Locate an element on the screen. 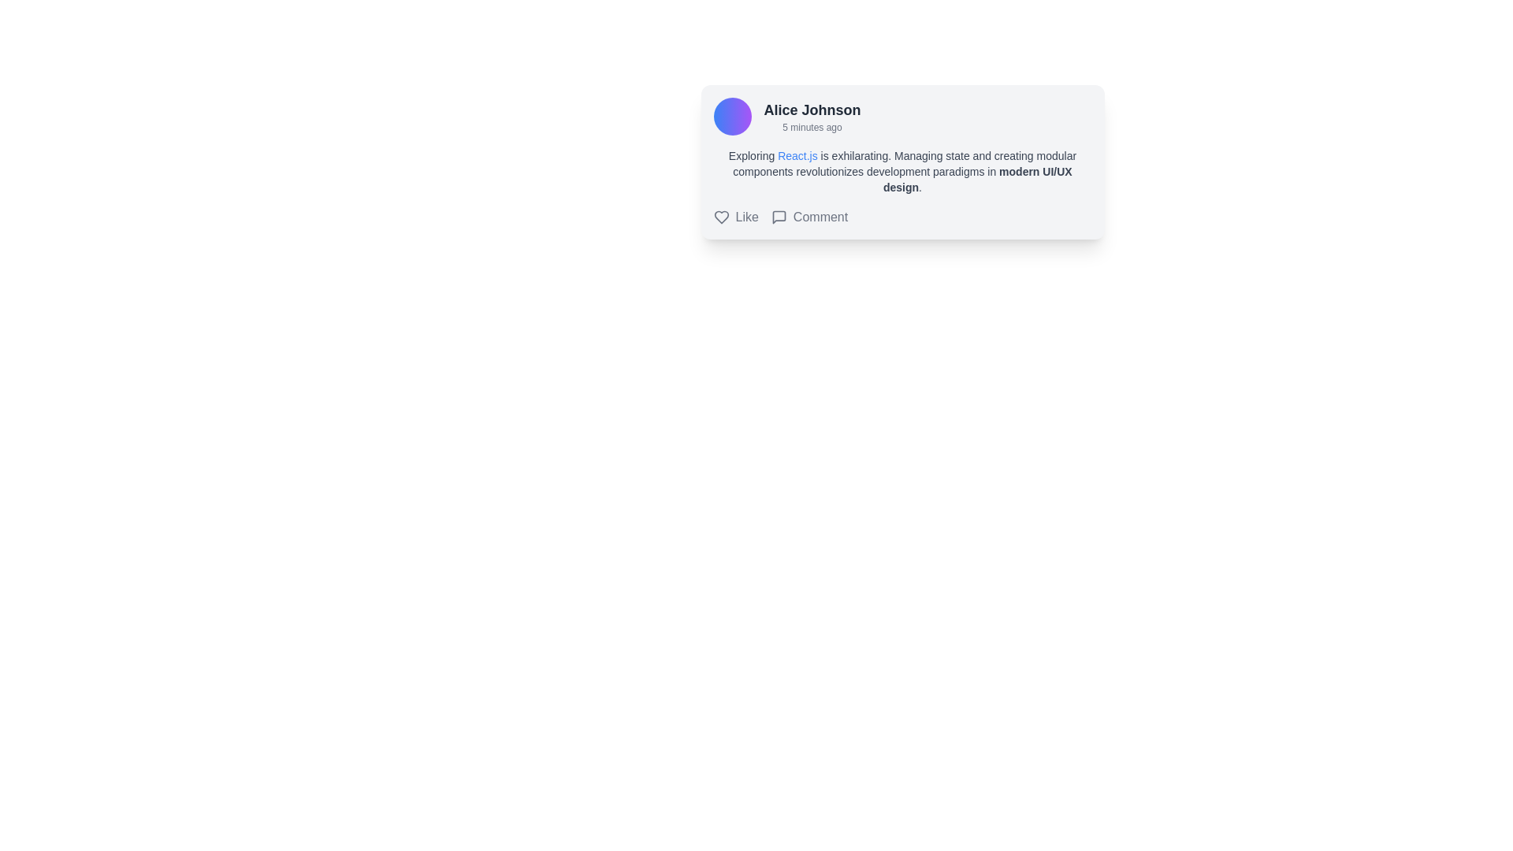 This screenshot has width=1513, height=851. the comment icon located within the Comment section of the content card, which is positioned towards the left of the 'Comment' text label is located at coordinates (779, 217).